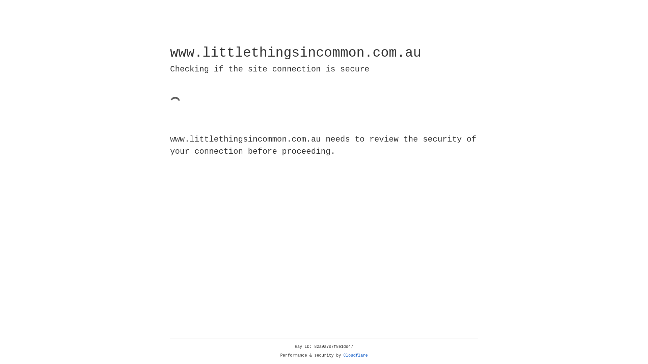 The width and height of the screenshot is (648, 364). What do you see at coordinates (355, 355) in the screenshot?
I see `'Cloudflare'` at bounding box center [355, 355].